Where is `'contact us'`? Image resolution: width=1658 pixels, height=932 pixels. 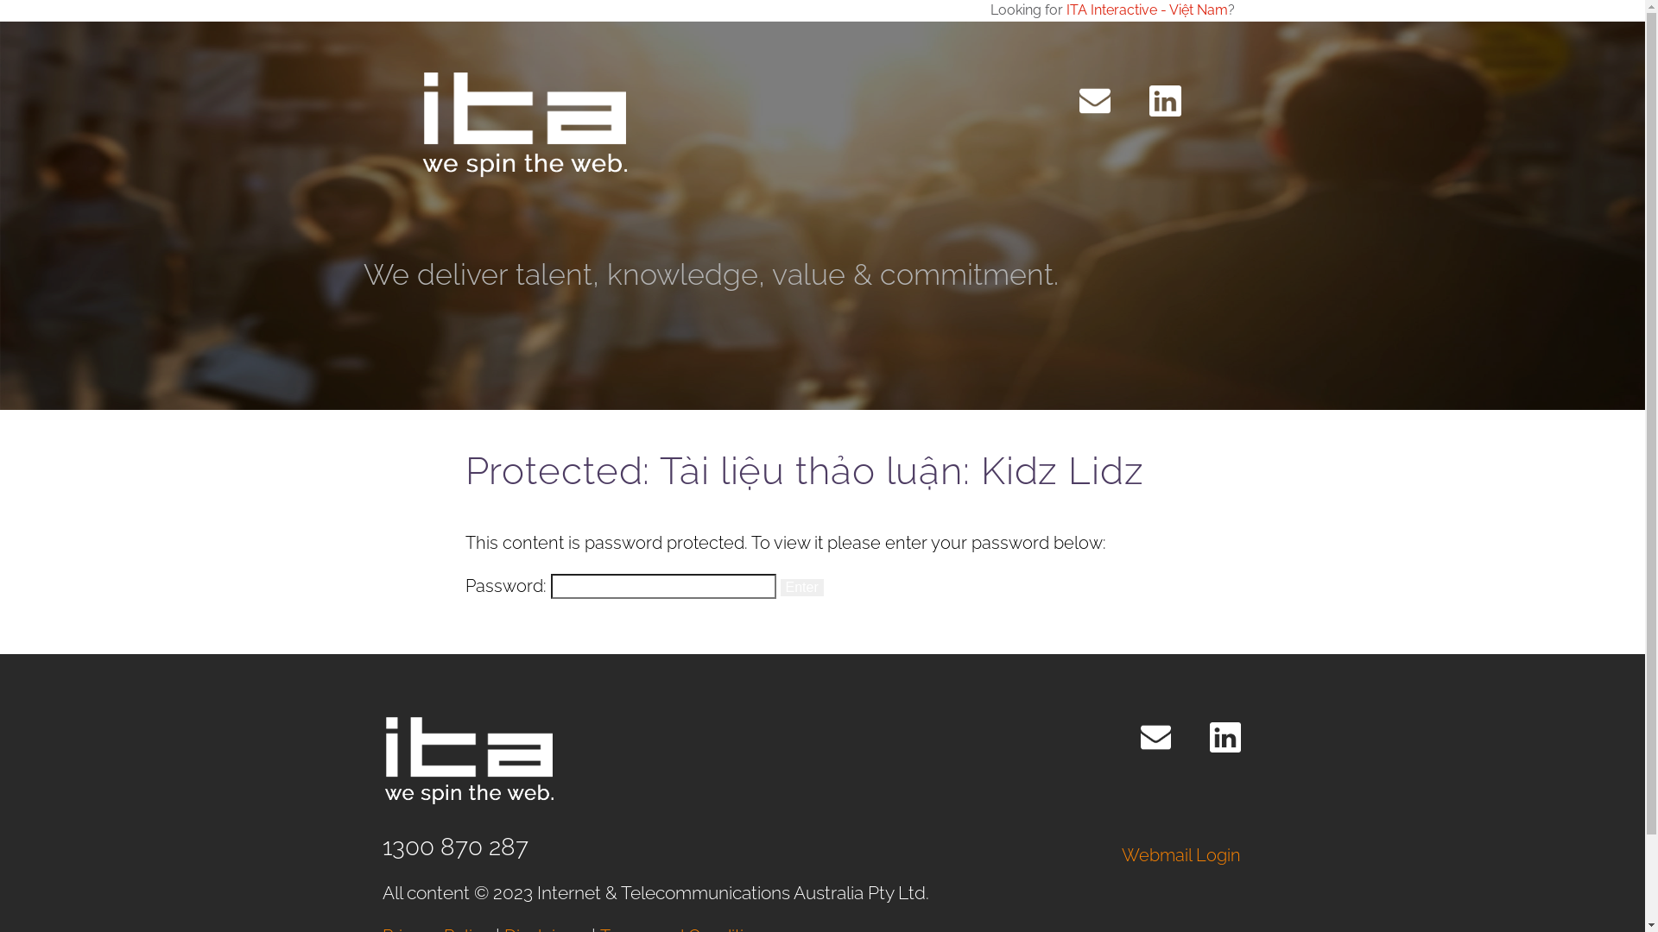 'contact us' is located at coordinates (1078, 100).